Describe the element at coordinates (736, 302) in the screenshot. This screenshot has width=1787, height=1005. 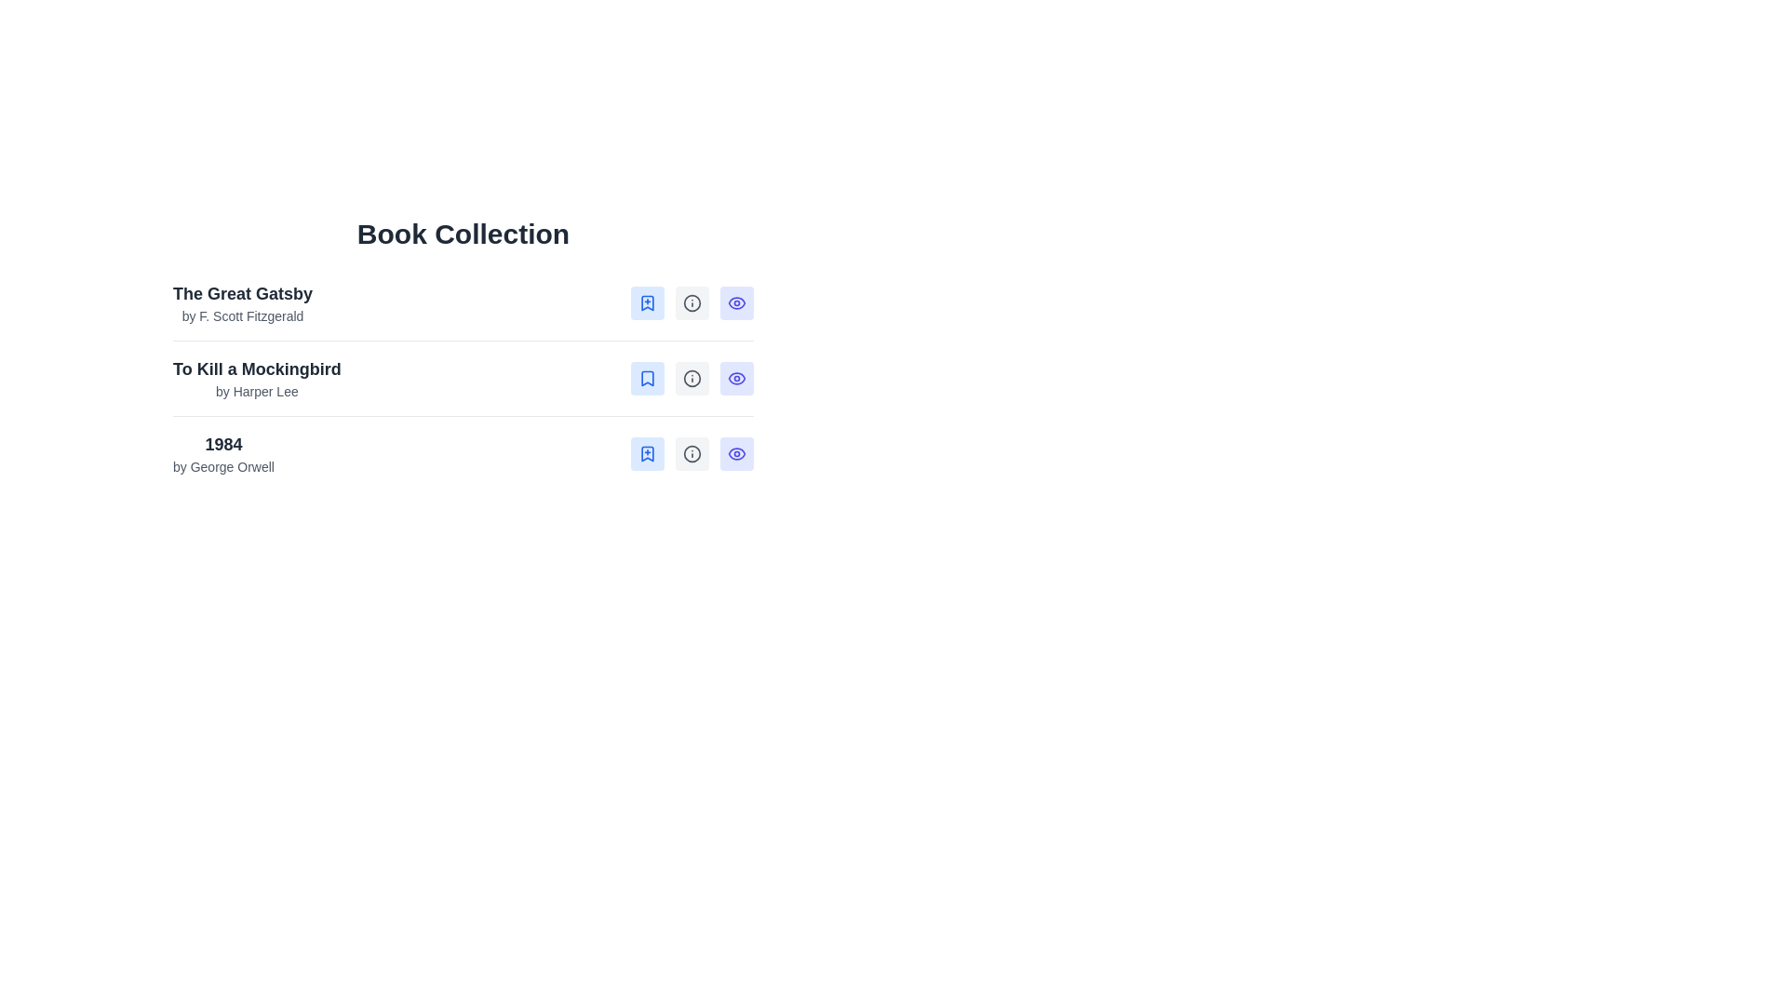
I see `the visibility options icon, which is the third icon in the action group next to the book title 'The Great Gatsby'` at that location.